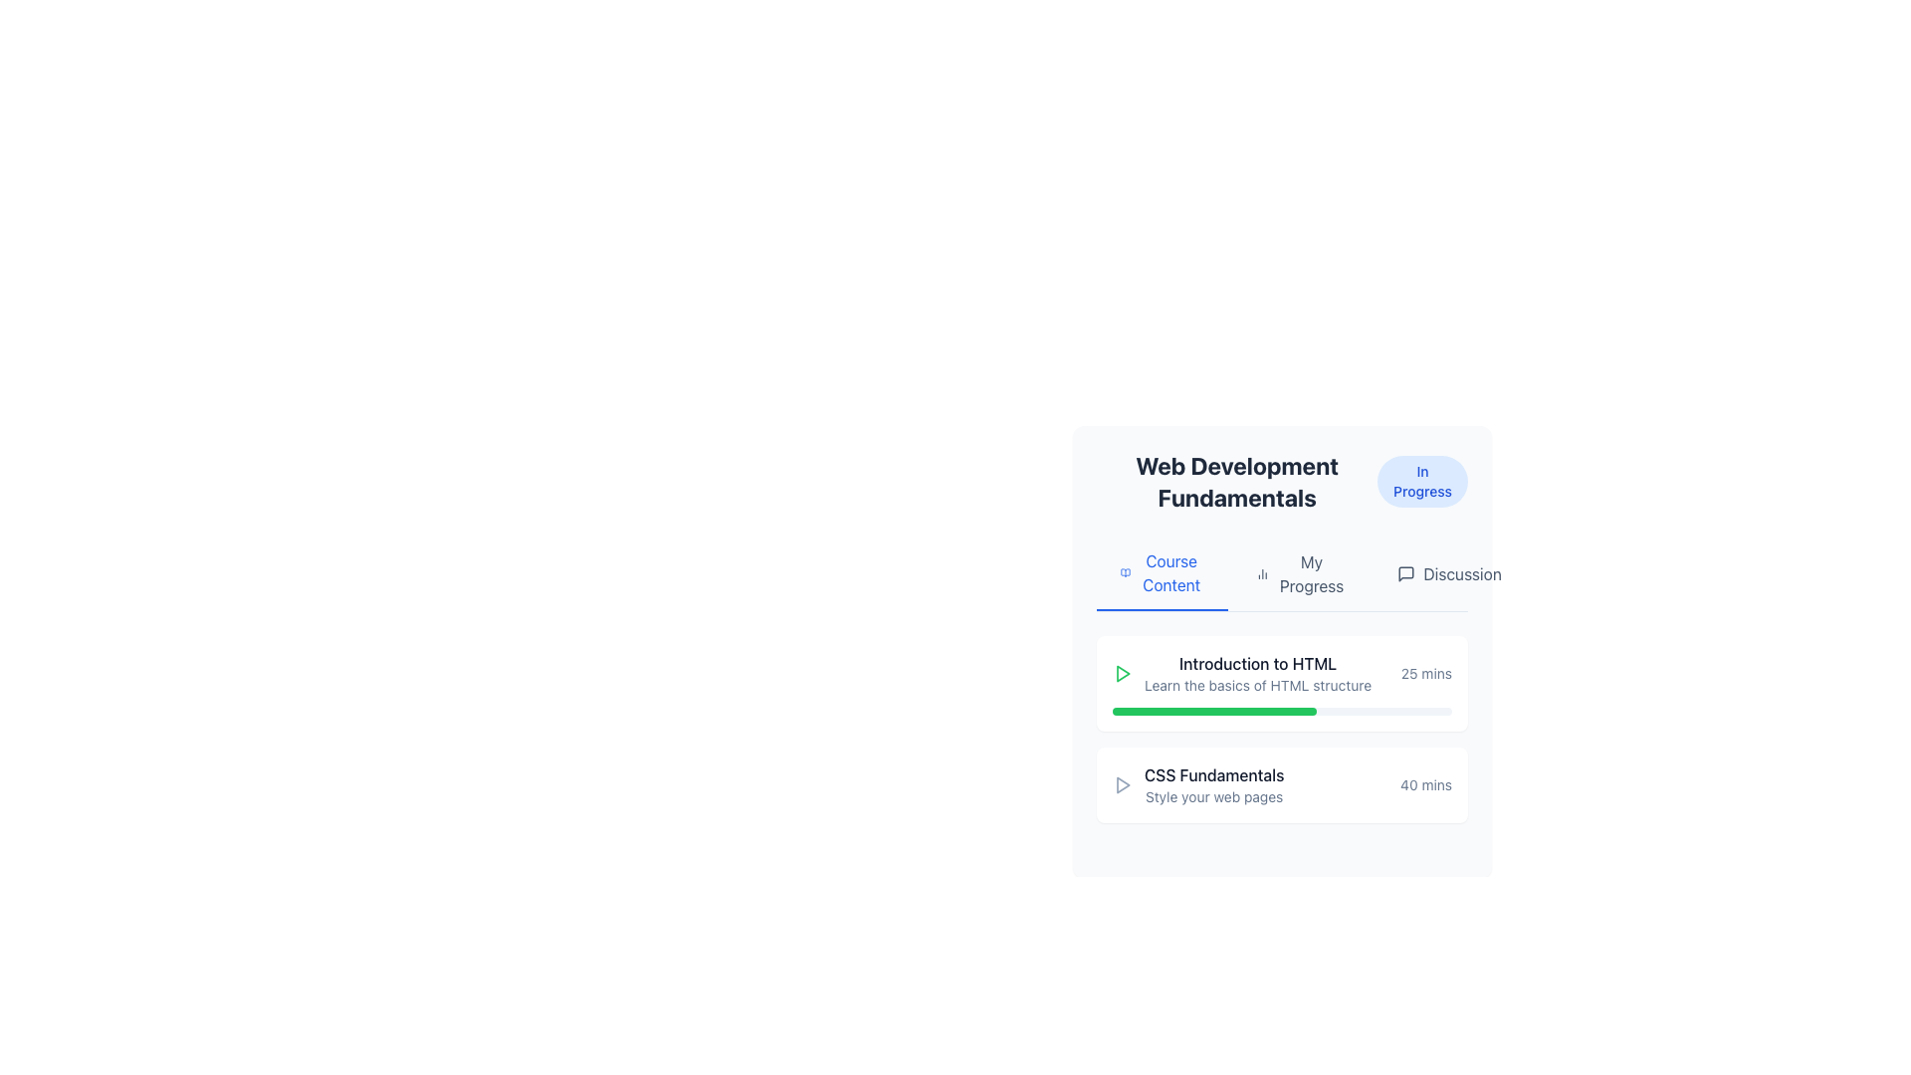 Image resolution: width=1911 pixels, height=1075 pixels. What do you see at coordinates (1386, 710) in the screenshot?
I see `progress bar completion` at bounding box center [1386, 710].